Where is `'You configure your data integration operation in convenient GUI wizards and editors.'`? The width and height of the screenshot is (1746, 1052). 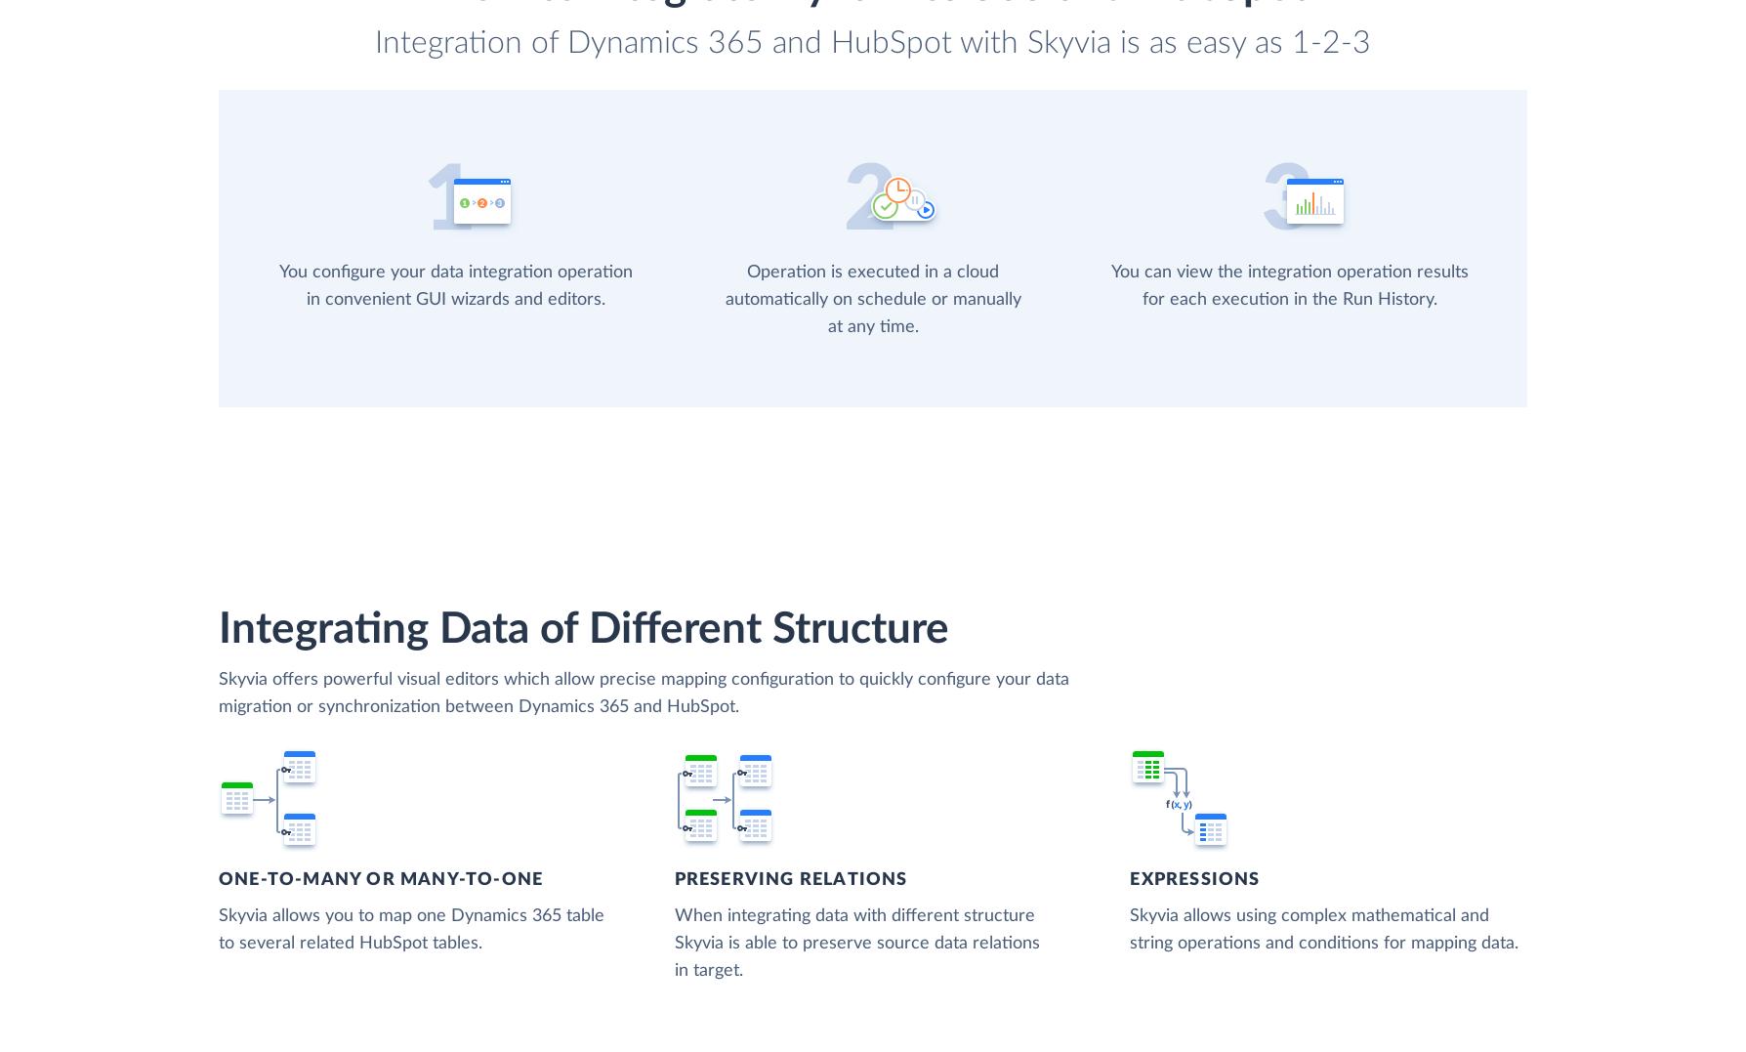
'You configure your data integration operation in convenient GUI wizards and editors.' is located at coordinates (456, 284).